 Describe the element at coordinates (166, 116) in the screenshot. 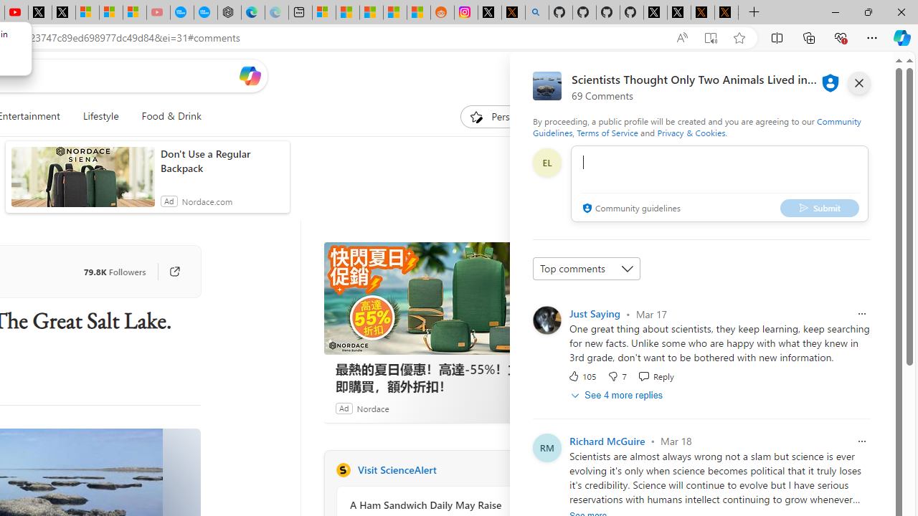

I see `'Food & Drink'` at that location.